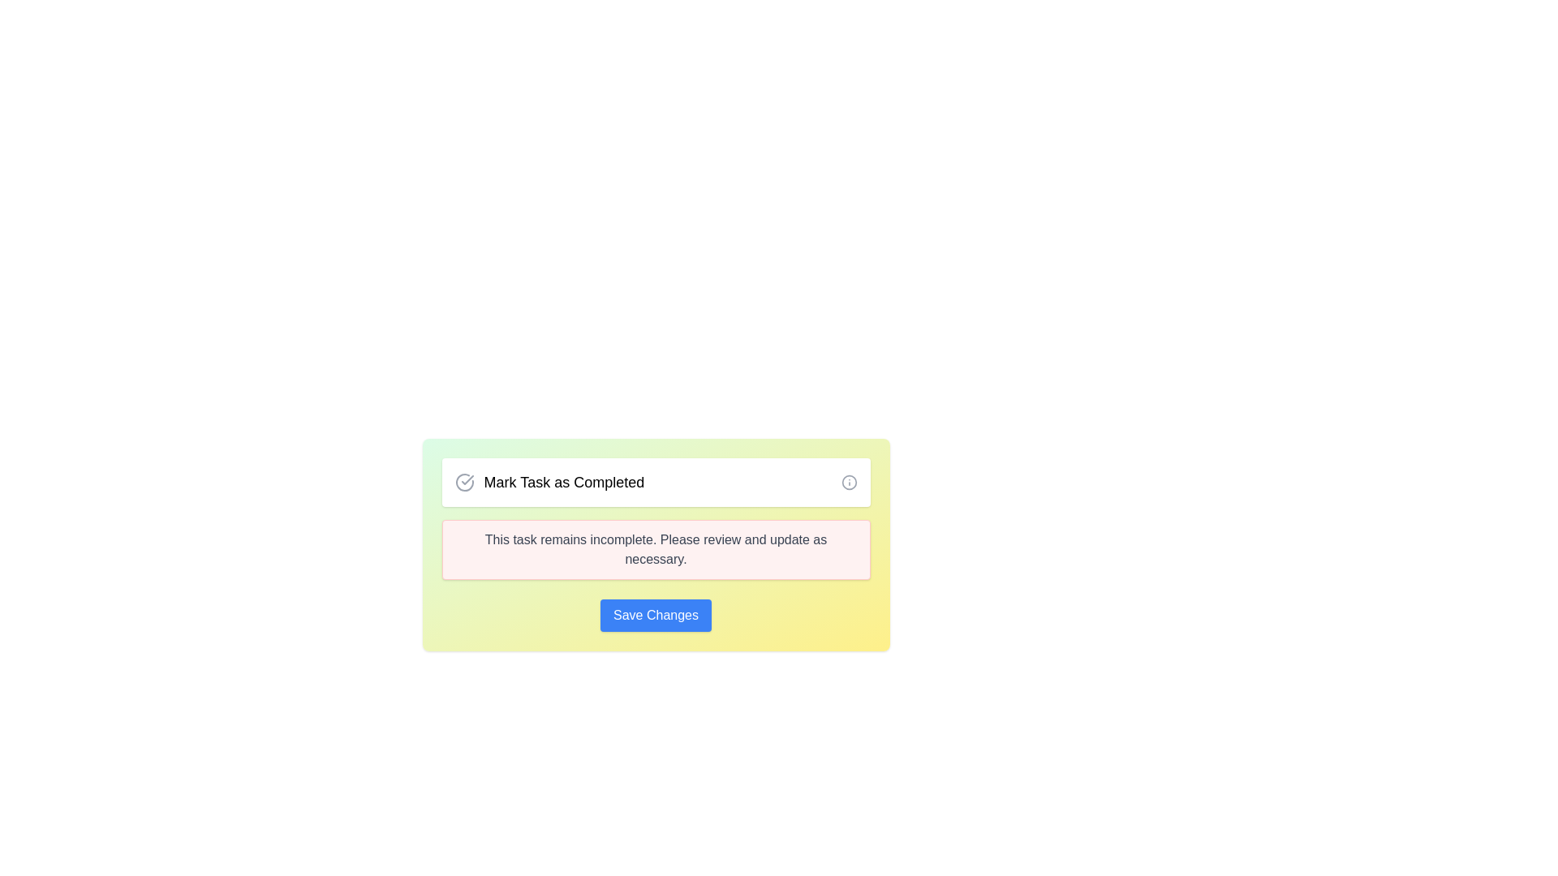 Image resolution: width=1558 pixels, height=876 pixels. Describe the element at coordinates (463, 481) in the screenshot. I see `the SVG icon that marks a task as completed, located immediately to the left of the 'Mark Task as Completed' label, to receive additional feedback` at that location.